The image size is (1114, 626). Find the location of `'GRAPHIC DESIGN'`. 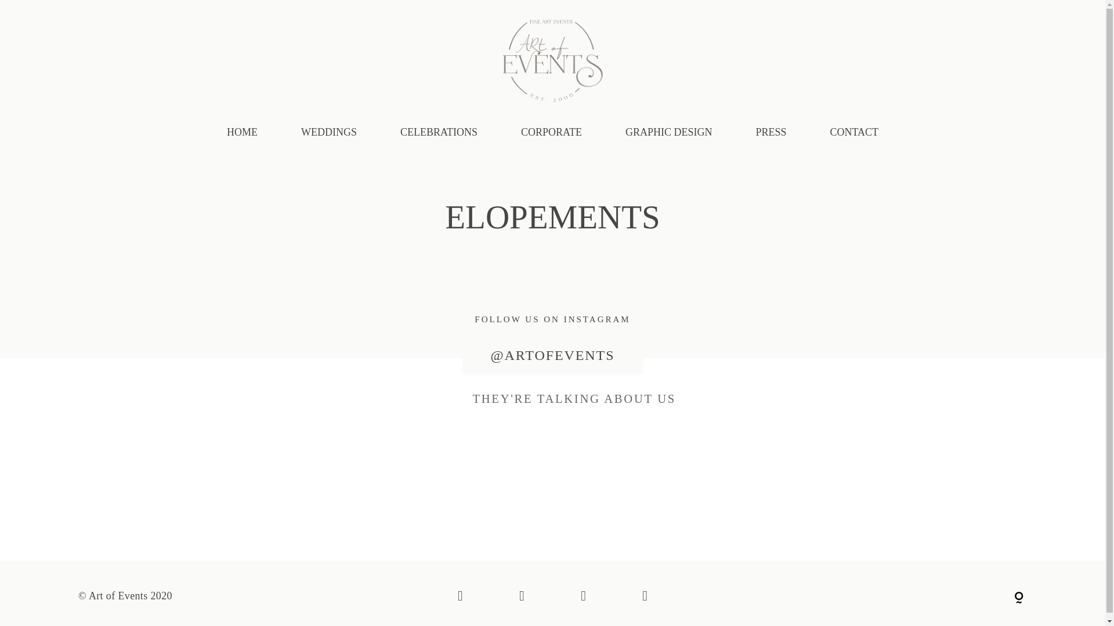

'GRAPHIC DESIGN' is located at coordinates (668, 132).